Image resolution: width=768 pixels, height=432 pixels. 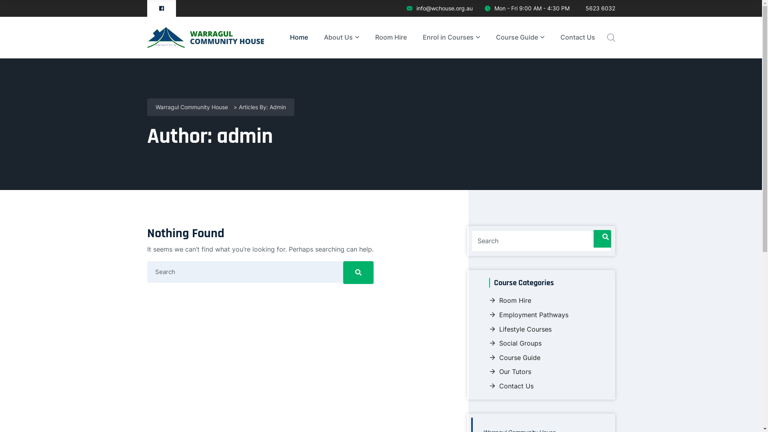 What do you see at coordinates (515, 342) in the screenshot?
I see `'Social Groups'` at bounding box center [515, 342].